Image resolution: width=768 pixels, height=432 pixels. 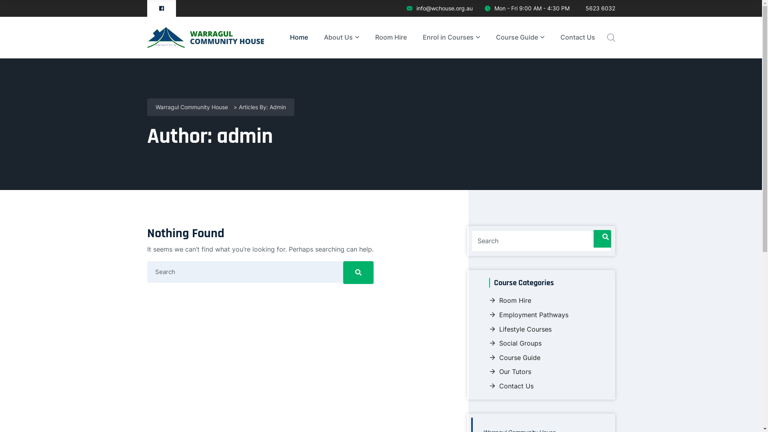 What do you see at coordinates (515, 342) in the screenshot?
I see `'Social Groups'` at bounding box center [515, 342].